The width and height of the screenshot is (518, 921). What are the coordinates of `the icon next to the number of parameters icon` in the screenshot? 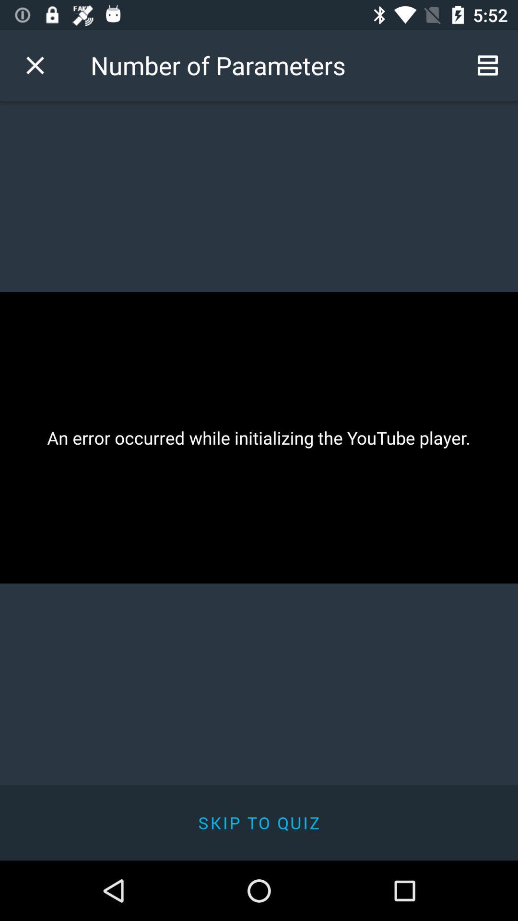 It's located at (488, 65).